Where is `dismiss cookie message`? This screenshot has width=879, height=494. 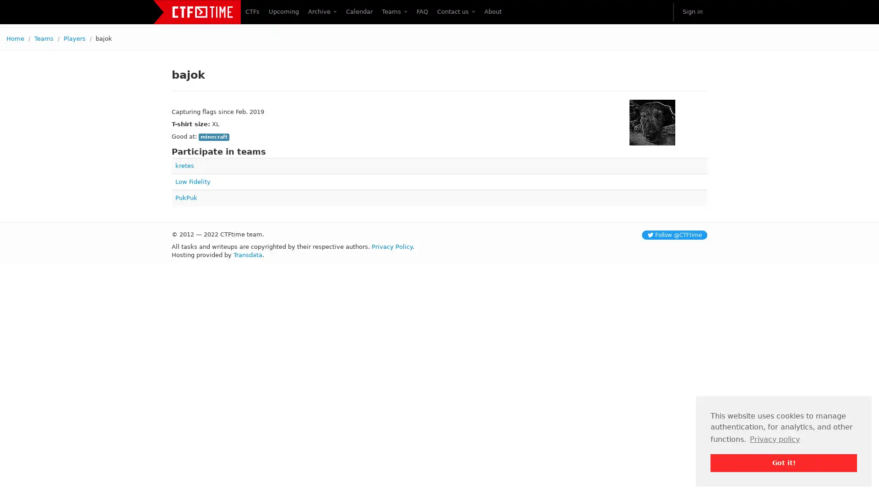
dismiss cookie message is located at coordinates (783, 462).